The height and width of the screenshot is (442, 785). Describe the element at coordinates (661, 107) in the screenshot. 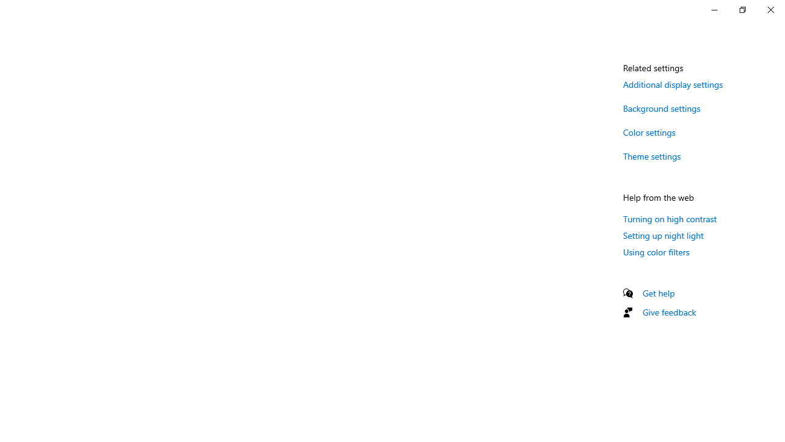

I see `'Background settings'` at that location.